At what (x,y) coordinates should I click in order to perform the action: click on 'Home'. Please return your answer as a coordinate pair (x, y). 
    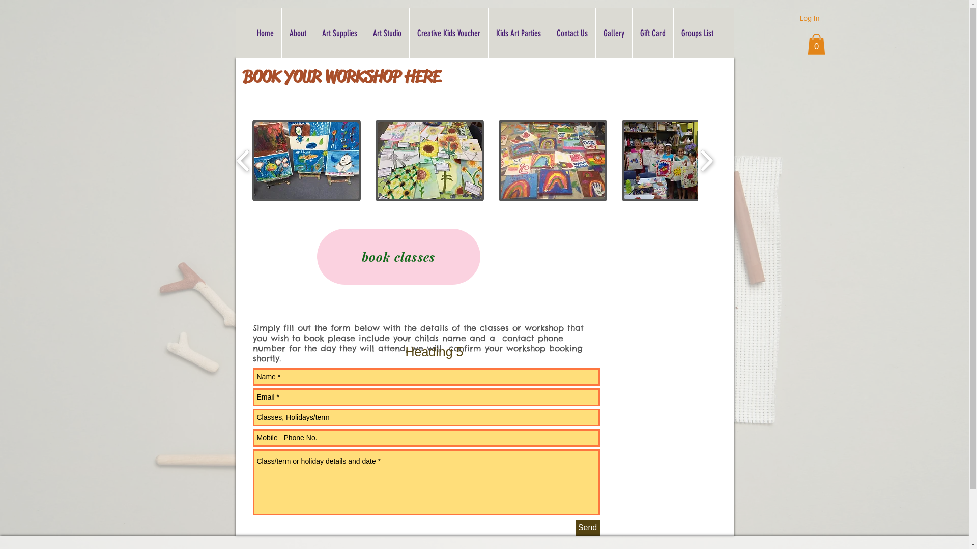
    Looking at the image, I should click on (264, 33).